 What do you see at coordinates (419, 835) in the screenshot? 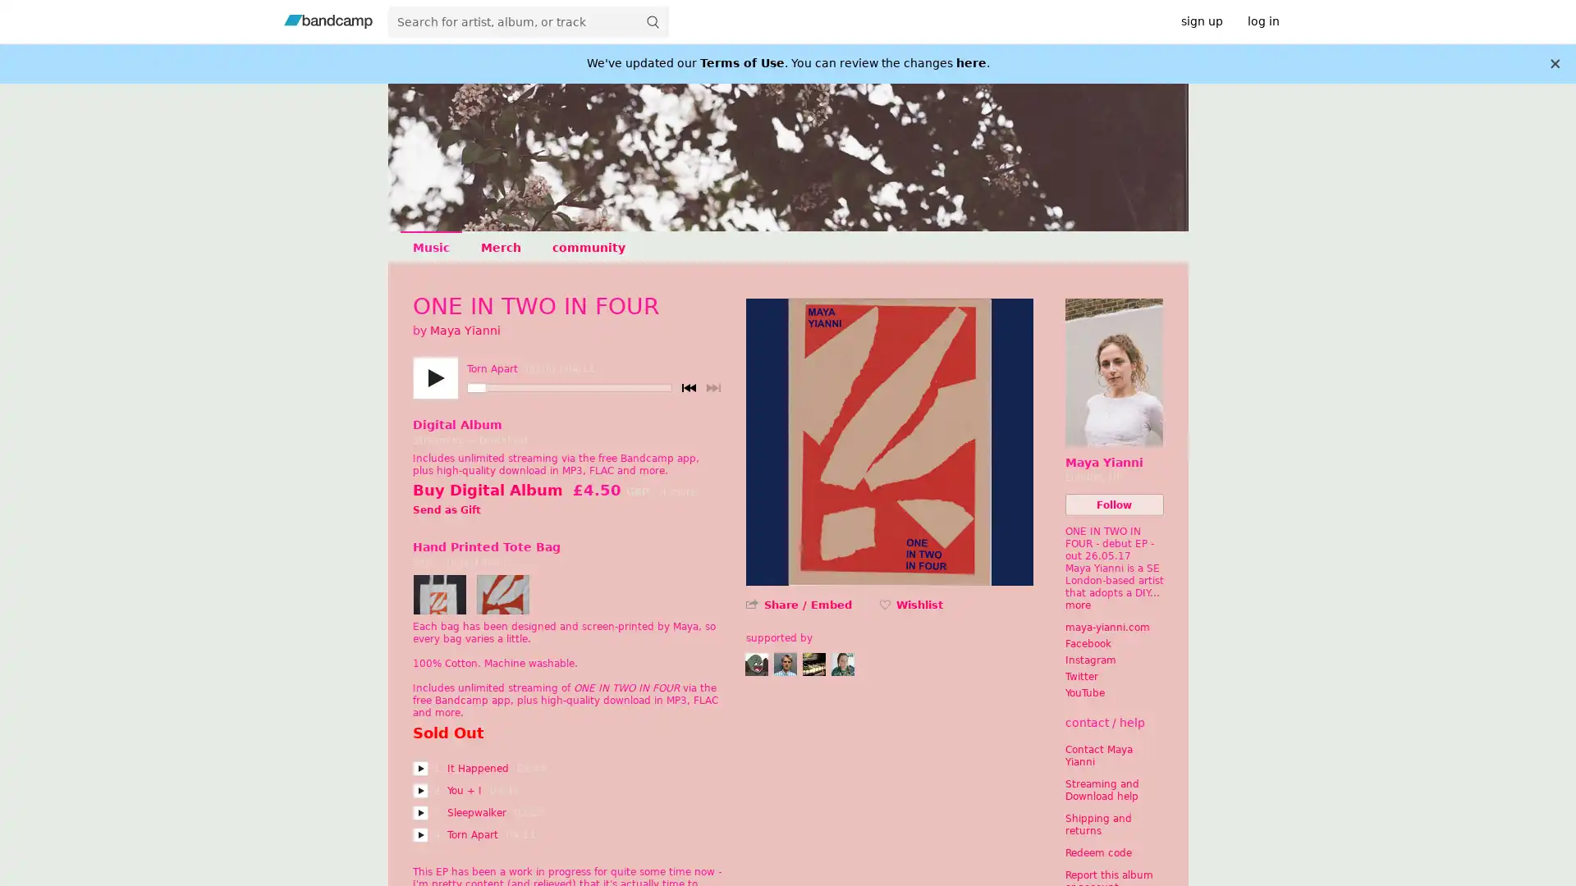
I see `Play Torn Apart` at bounding box center [419, 835].